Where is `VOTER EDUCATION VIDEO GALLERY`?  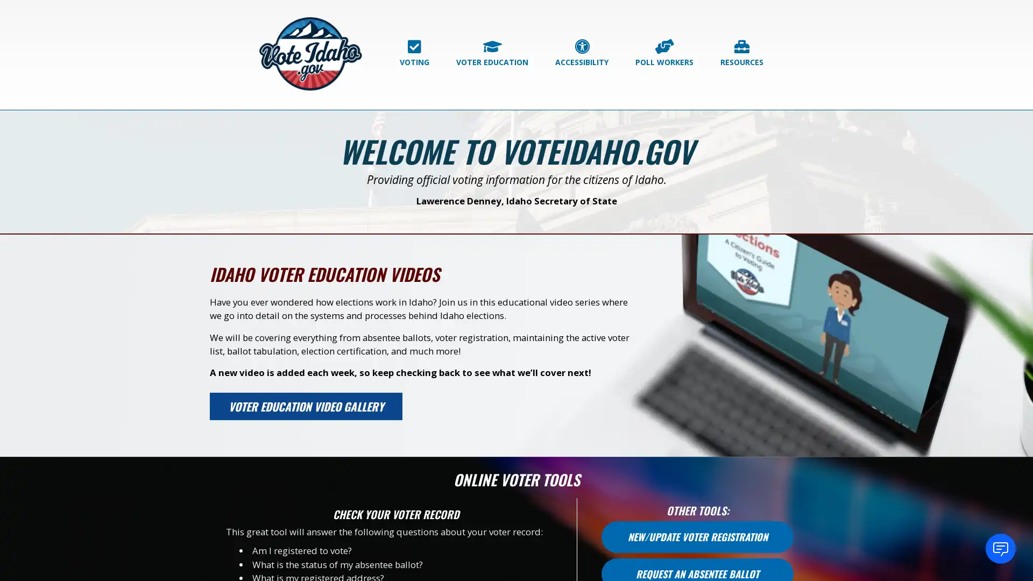 VOTER EDUCATION VIDEO GALLERY is located at coordinates (306, 406).